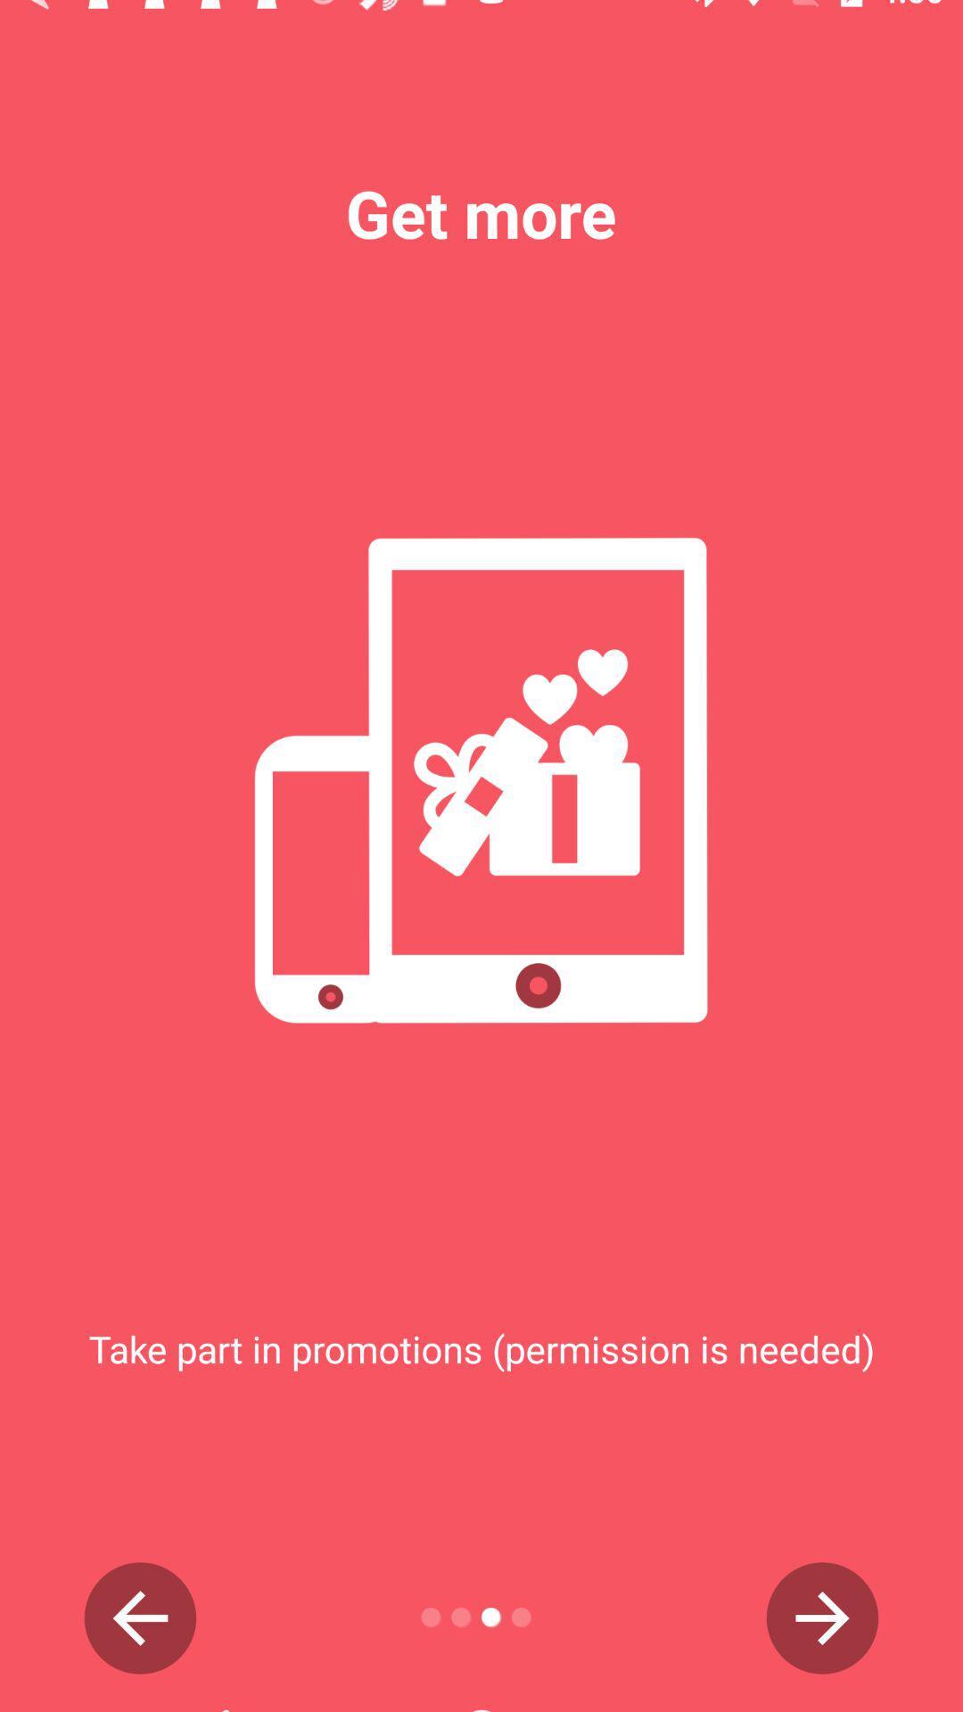  I want to click on backward, so click(139, 1617).